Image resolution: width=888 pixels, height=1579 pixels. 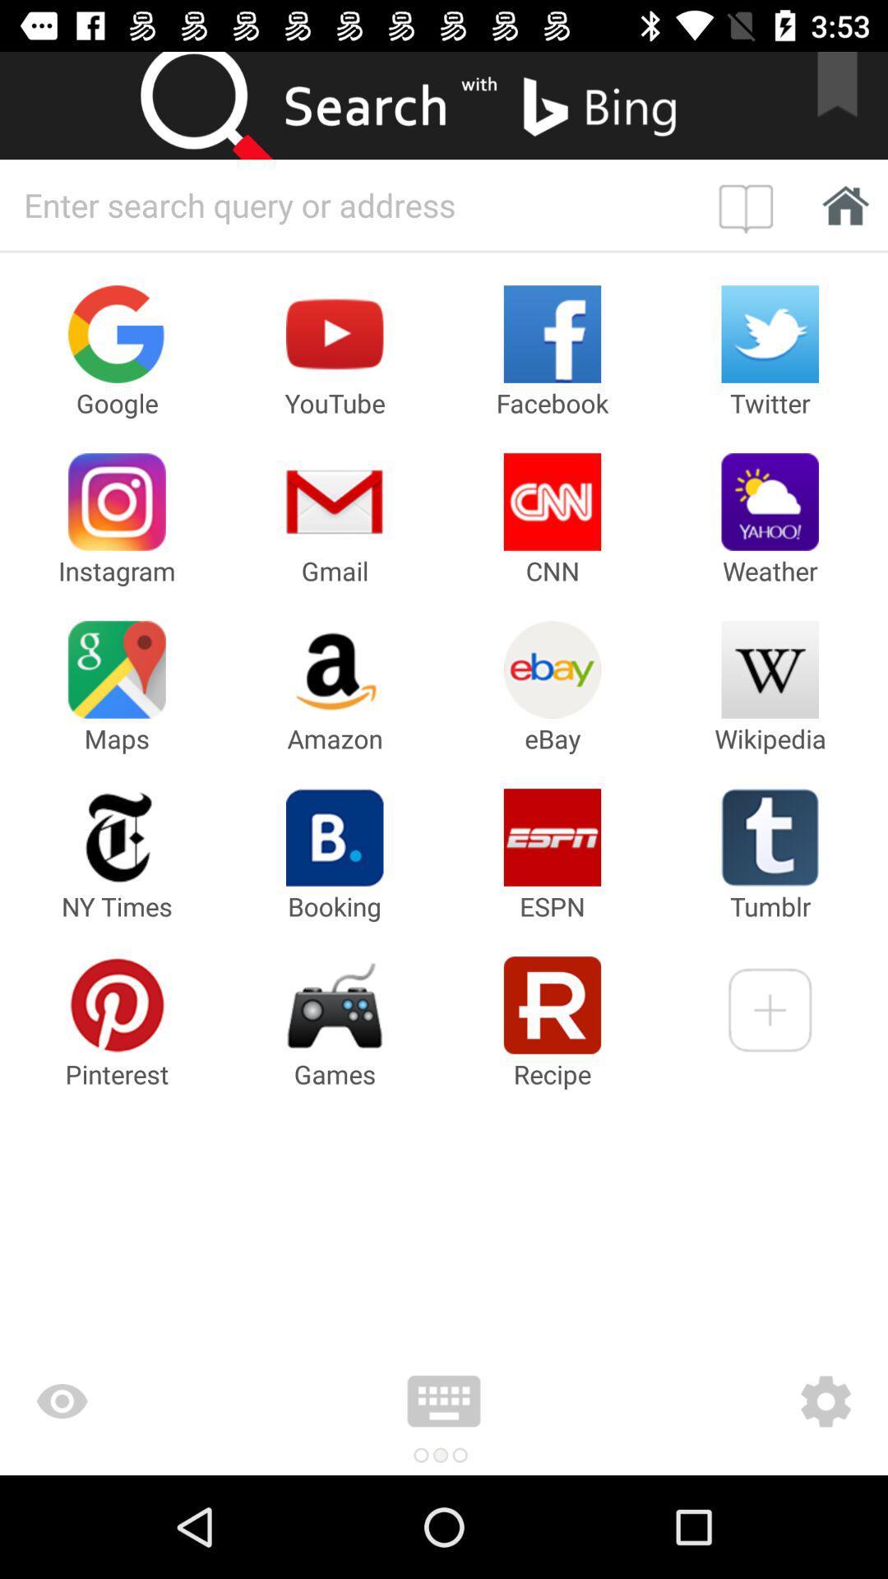 What do you see at coordinates (750, 204) in the screenshot?
I see `home page` at bounding box center [750, 204].